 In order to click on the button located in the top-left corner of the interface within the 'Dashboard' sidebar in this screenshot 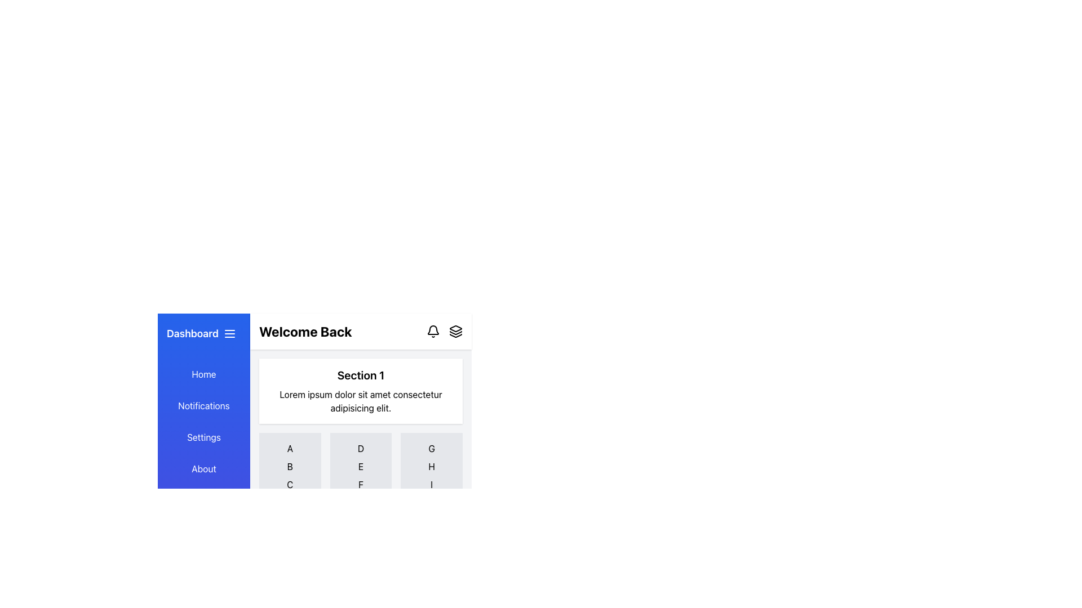, I will do `click(229, 333)`.